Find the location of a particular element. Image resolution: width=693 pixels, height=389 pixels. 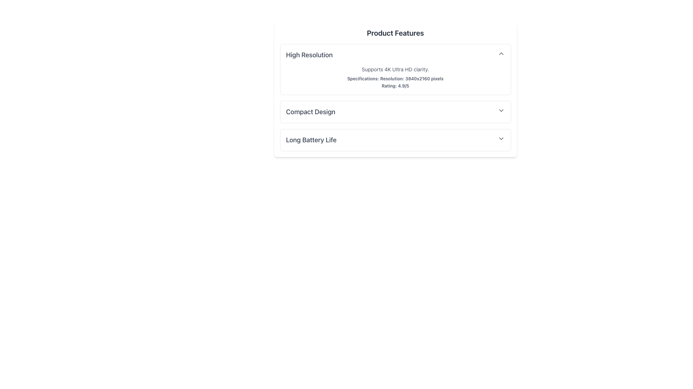

the downward arrow icon located on the far right of the 'Compact Design' section is located at coordinates (501, 111).